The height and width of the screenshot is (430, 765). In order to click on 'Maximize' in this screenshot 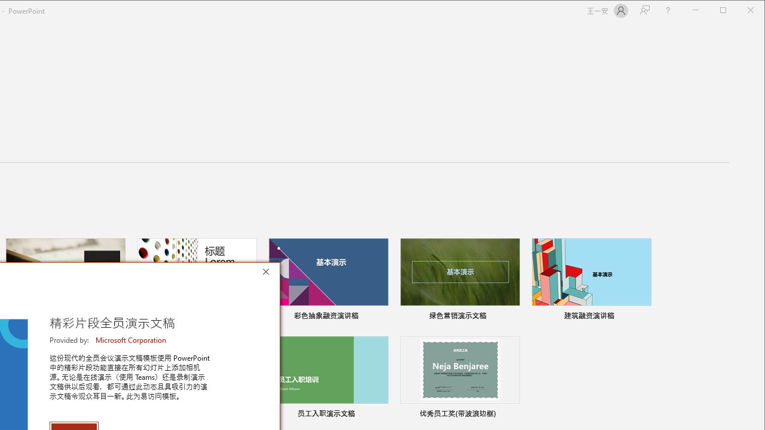, I will do `click(740, 11)`.